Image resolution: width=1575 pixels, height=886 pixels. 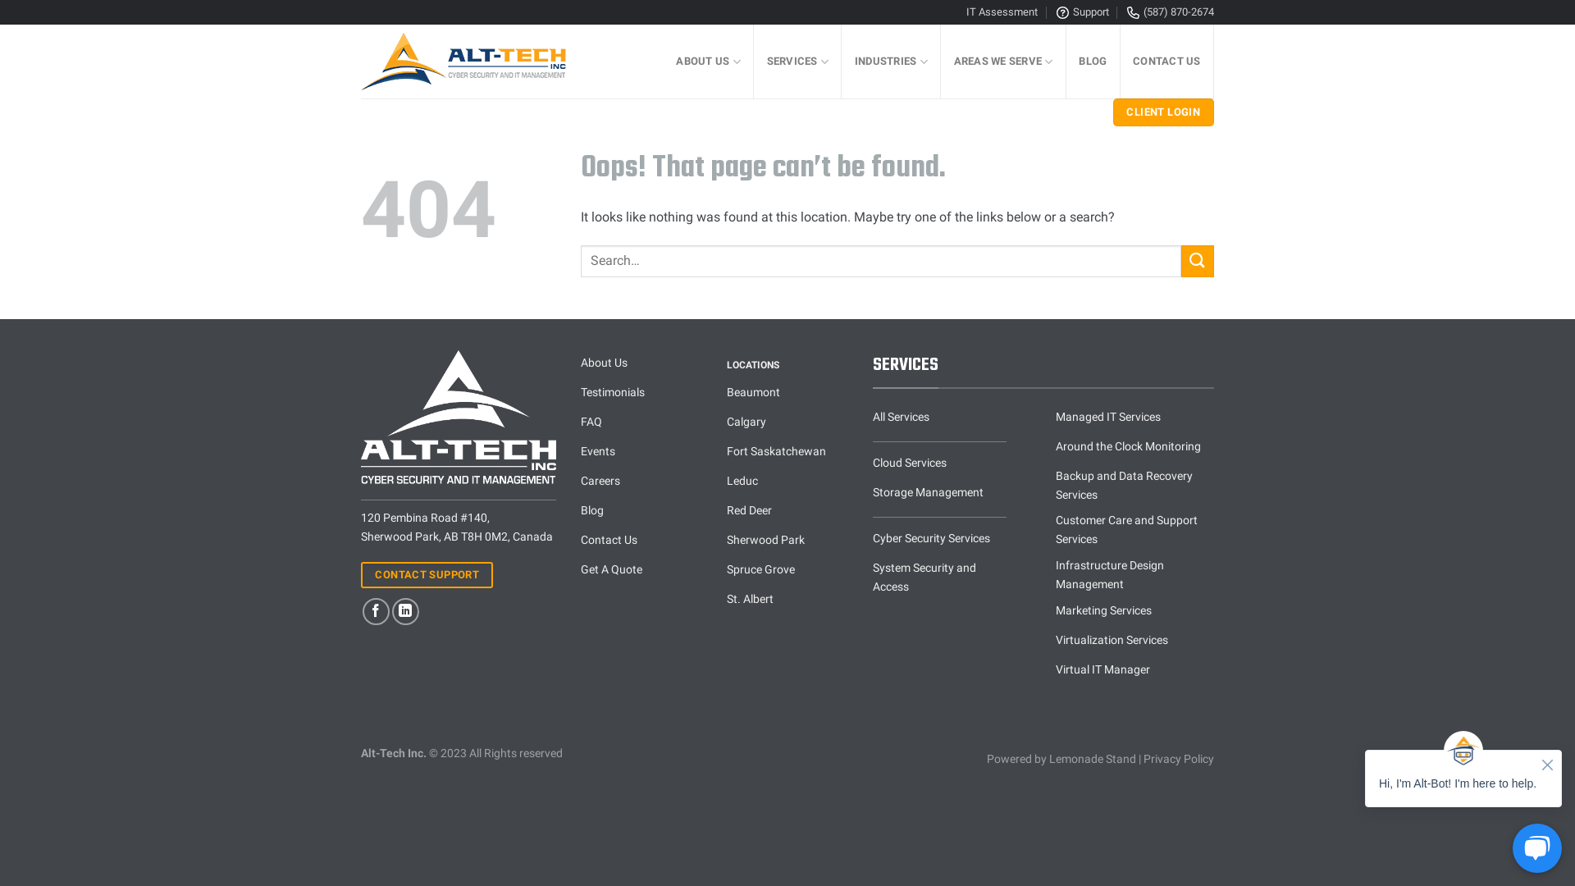 What do you see at coordinates (1134, 642) in the screenshot?
I see `'Virtualization Services'` at bounding box center [1134, 642].